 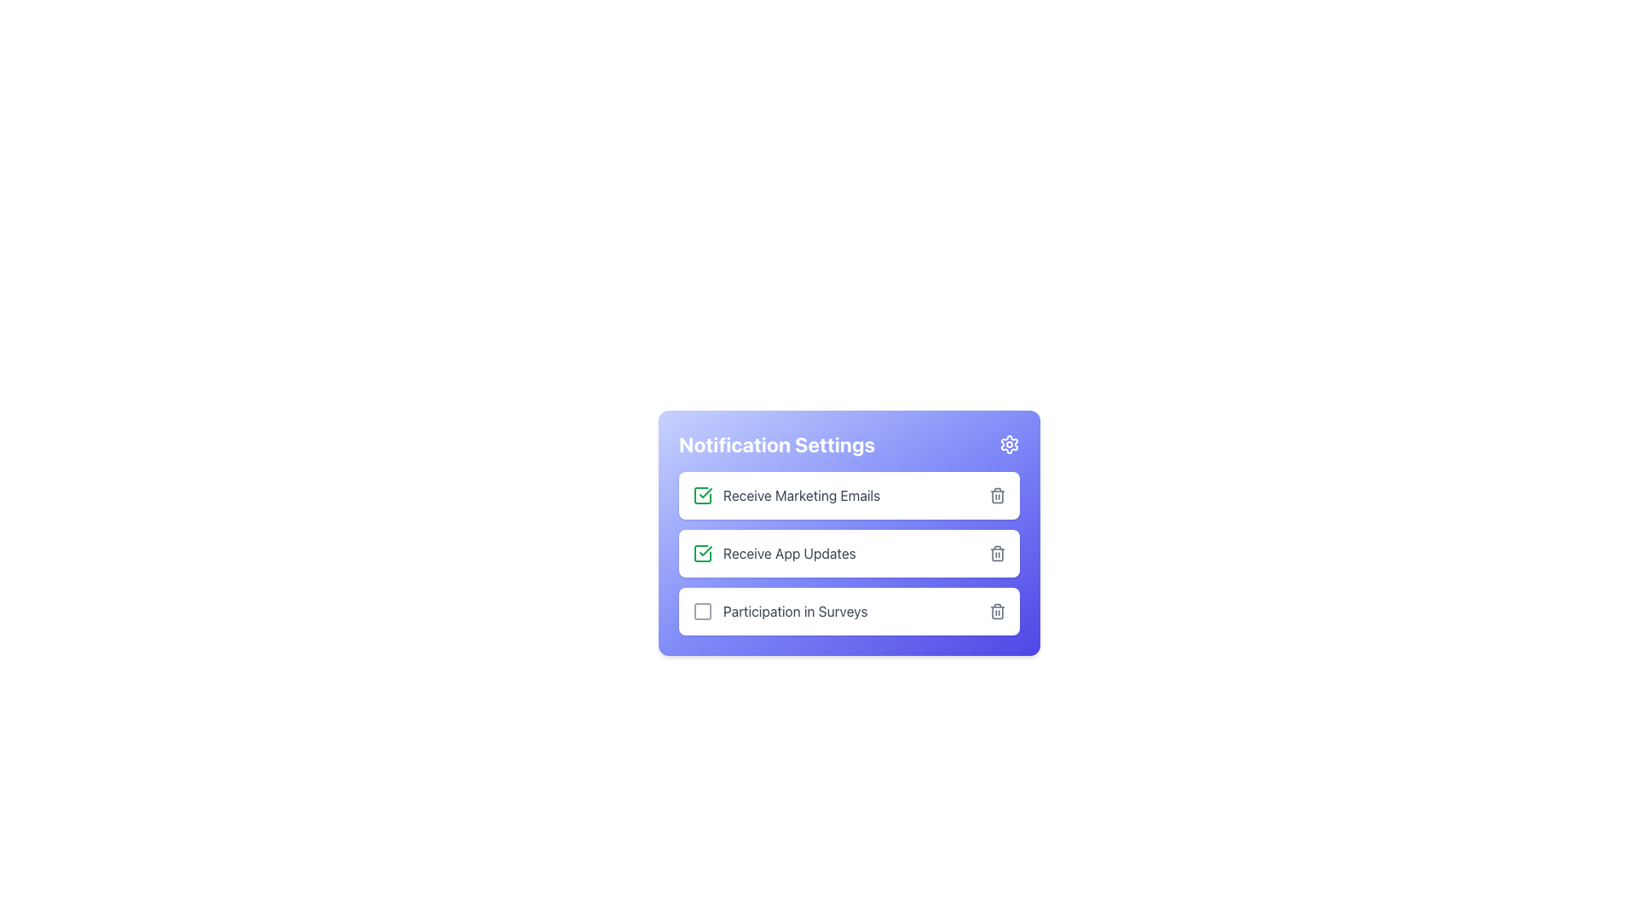 I want to click on the Checkbox element associated with 'Participation in Surveys', so click(x=703, y=610).